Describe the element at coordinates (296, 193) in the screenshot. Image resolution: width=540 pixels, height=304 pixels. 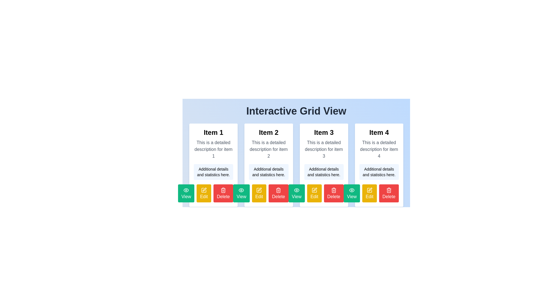
I see `the green 'View' button with a white eye icon` at that location.